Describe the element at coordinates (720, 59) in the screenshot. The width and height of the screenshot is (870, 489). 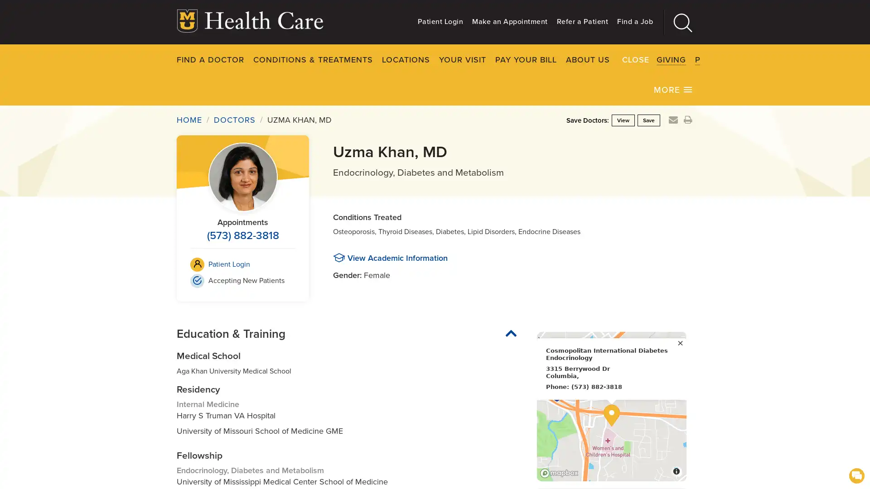
I see `CLOSE` at that location.